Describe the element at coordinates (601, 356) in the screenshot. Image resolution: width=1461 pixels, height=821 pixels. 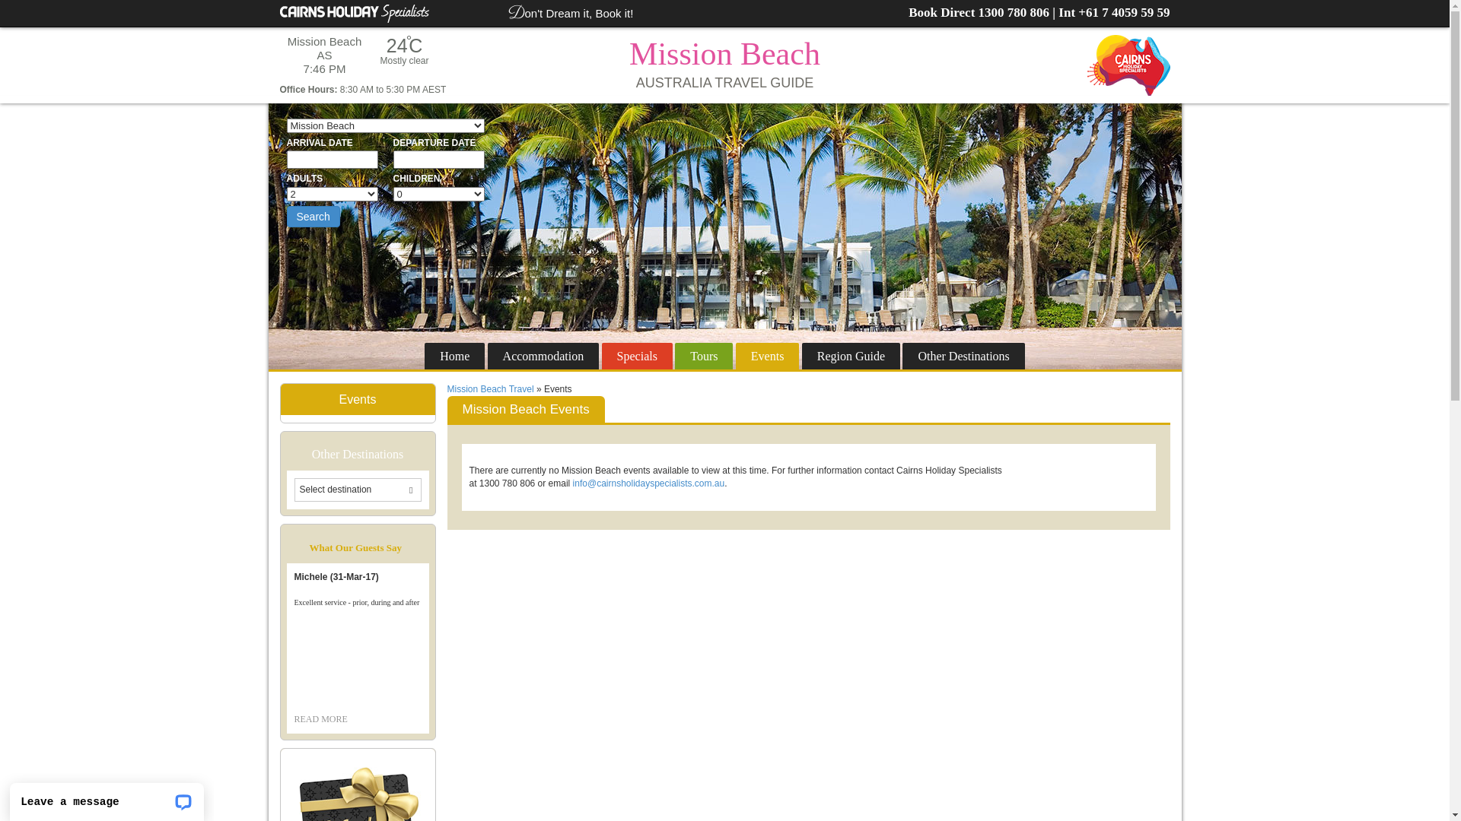
I see `'Specials'` at that location.